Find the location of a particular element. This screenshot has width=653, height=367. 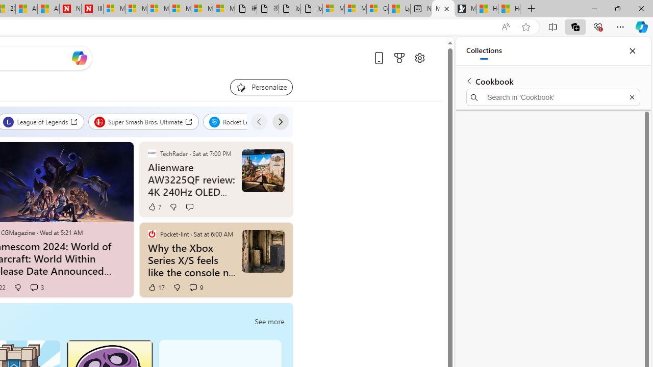

'17 Like' is located at coordinates (156, 287).